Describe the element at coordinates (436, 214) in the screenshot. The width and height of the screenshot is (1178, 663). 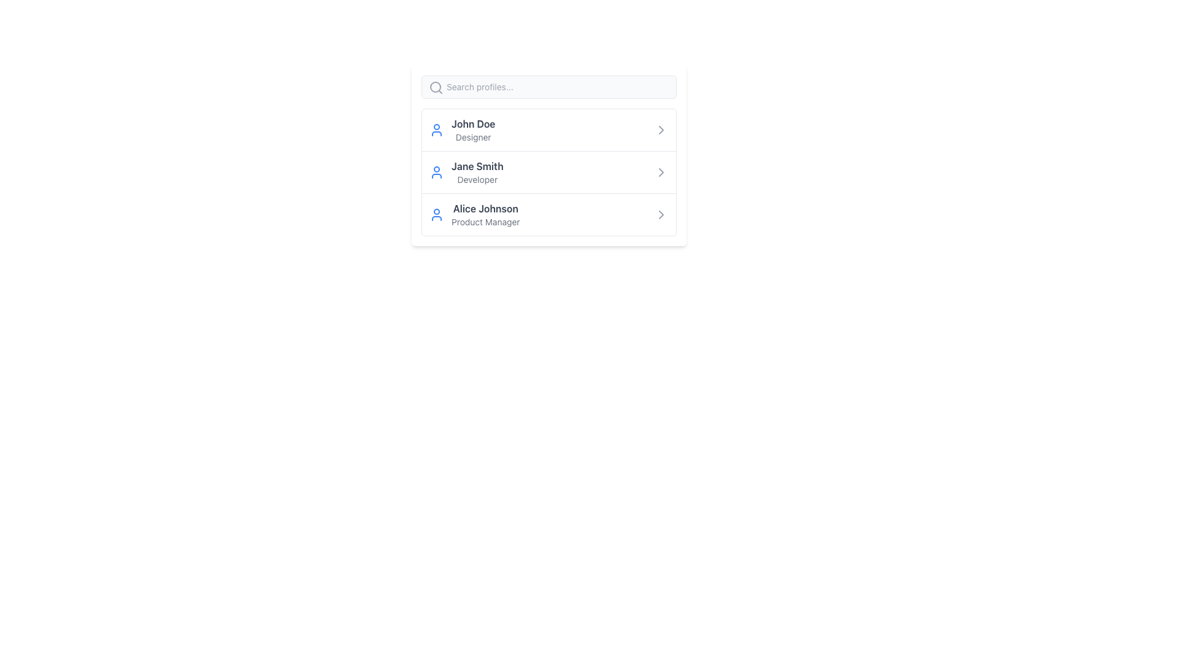
I see `the user avatar icon for 'Alice Johnson', which serves as a visual representation for the user, located at the beginning of the row with the texts 'Alice Johnson' and 'Product Manager'` at that location.